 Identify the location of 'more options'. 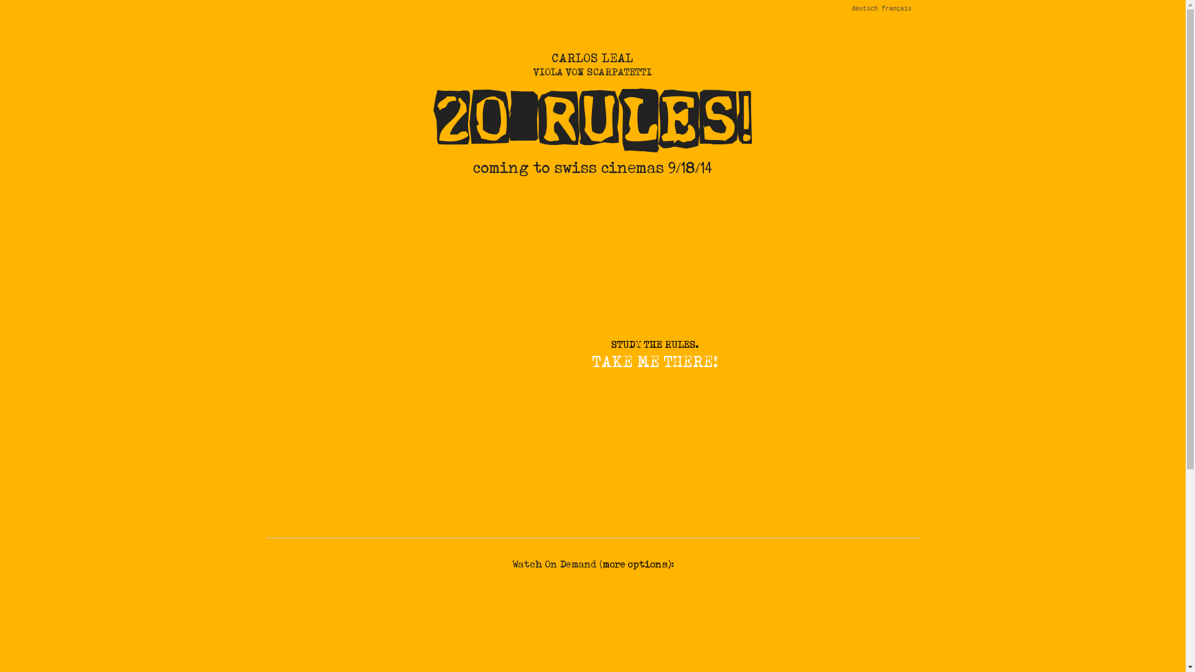
(635, 564).